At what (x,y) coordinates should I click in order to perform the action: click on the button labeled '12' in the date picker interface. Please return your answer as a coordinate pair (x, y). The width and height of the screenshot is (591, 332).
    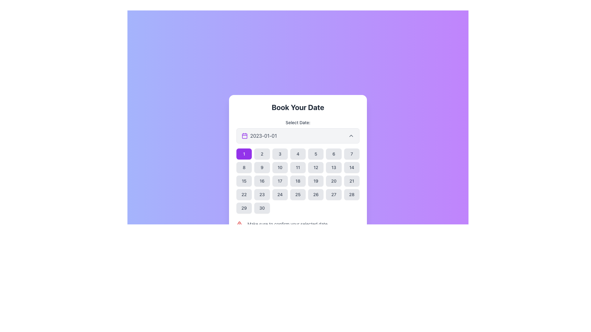
    Looking at the image, I should click on (316, 167).